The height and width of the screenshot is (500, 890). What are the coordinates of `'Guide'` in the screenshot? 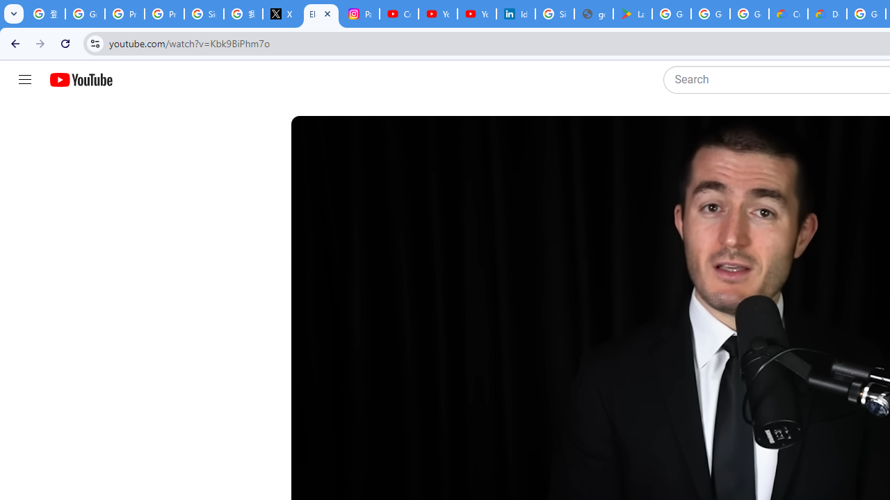 It's located at (24, 80).